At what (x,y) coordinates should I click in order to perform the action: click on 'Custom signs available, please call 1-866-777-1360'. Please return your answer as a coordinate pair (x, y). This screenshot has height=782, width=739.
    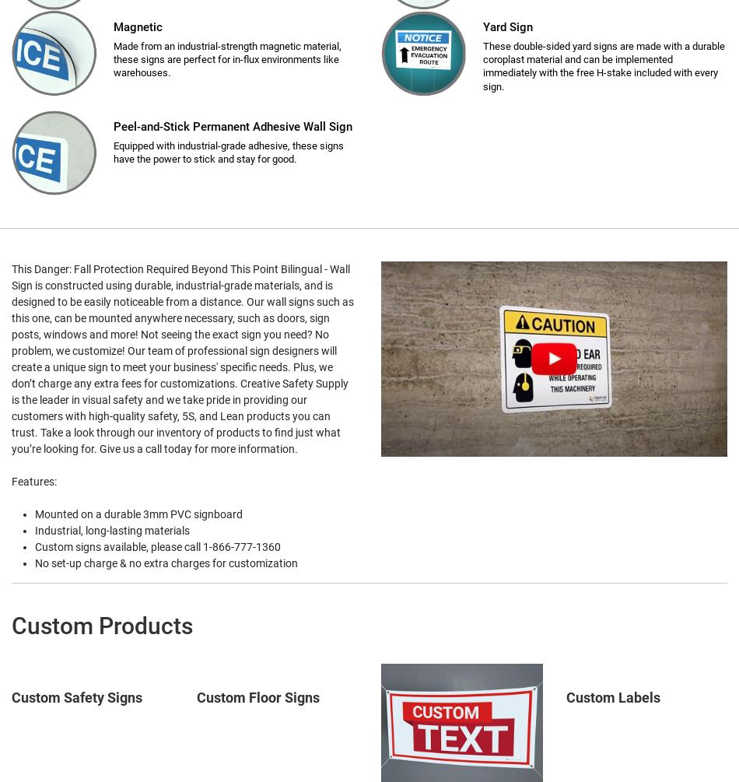
    Looking at the image, I should click on (158, 546).